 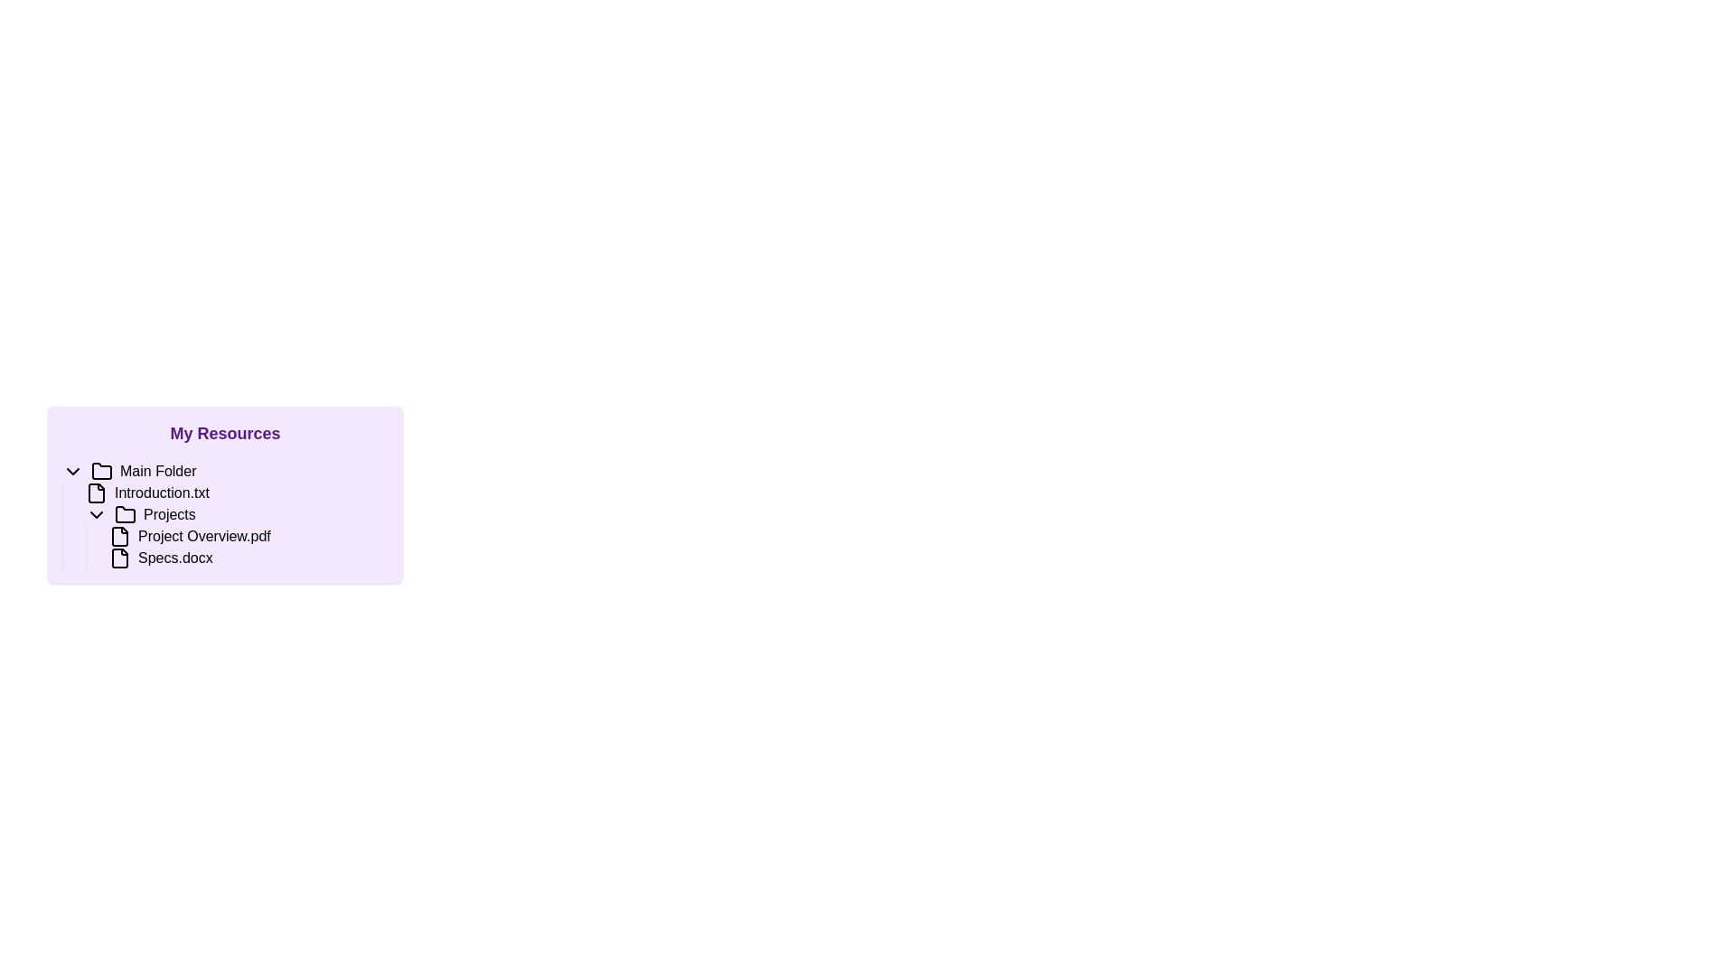 I want to click on the 'Specs.docx' icon located as the last item in the 'My Resources' list, so click(x=119, y=557).